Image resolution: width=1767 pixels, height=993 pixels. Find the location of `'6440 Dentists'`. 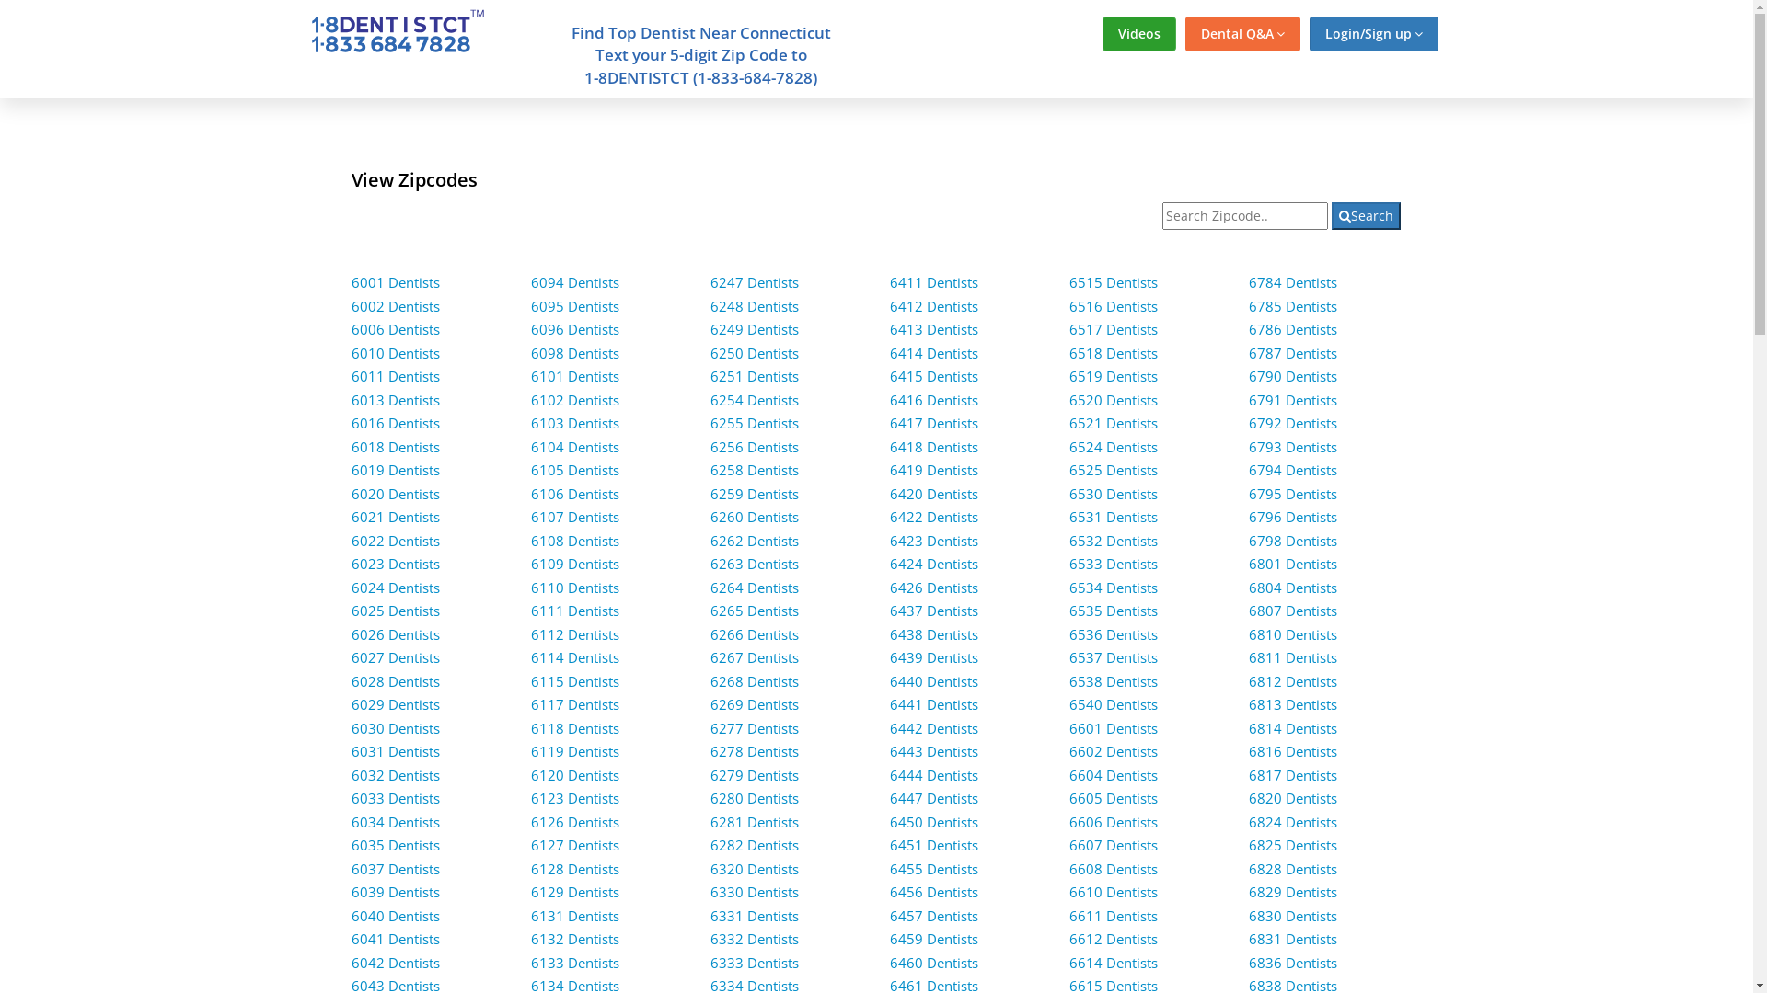

'6440 Dentists' is located at coordinates (933, 680).